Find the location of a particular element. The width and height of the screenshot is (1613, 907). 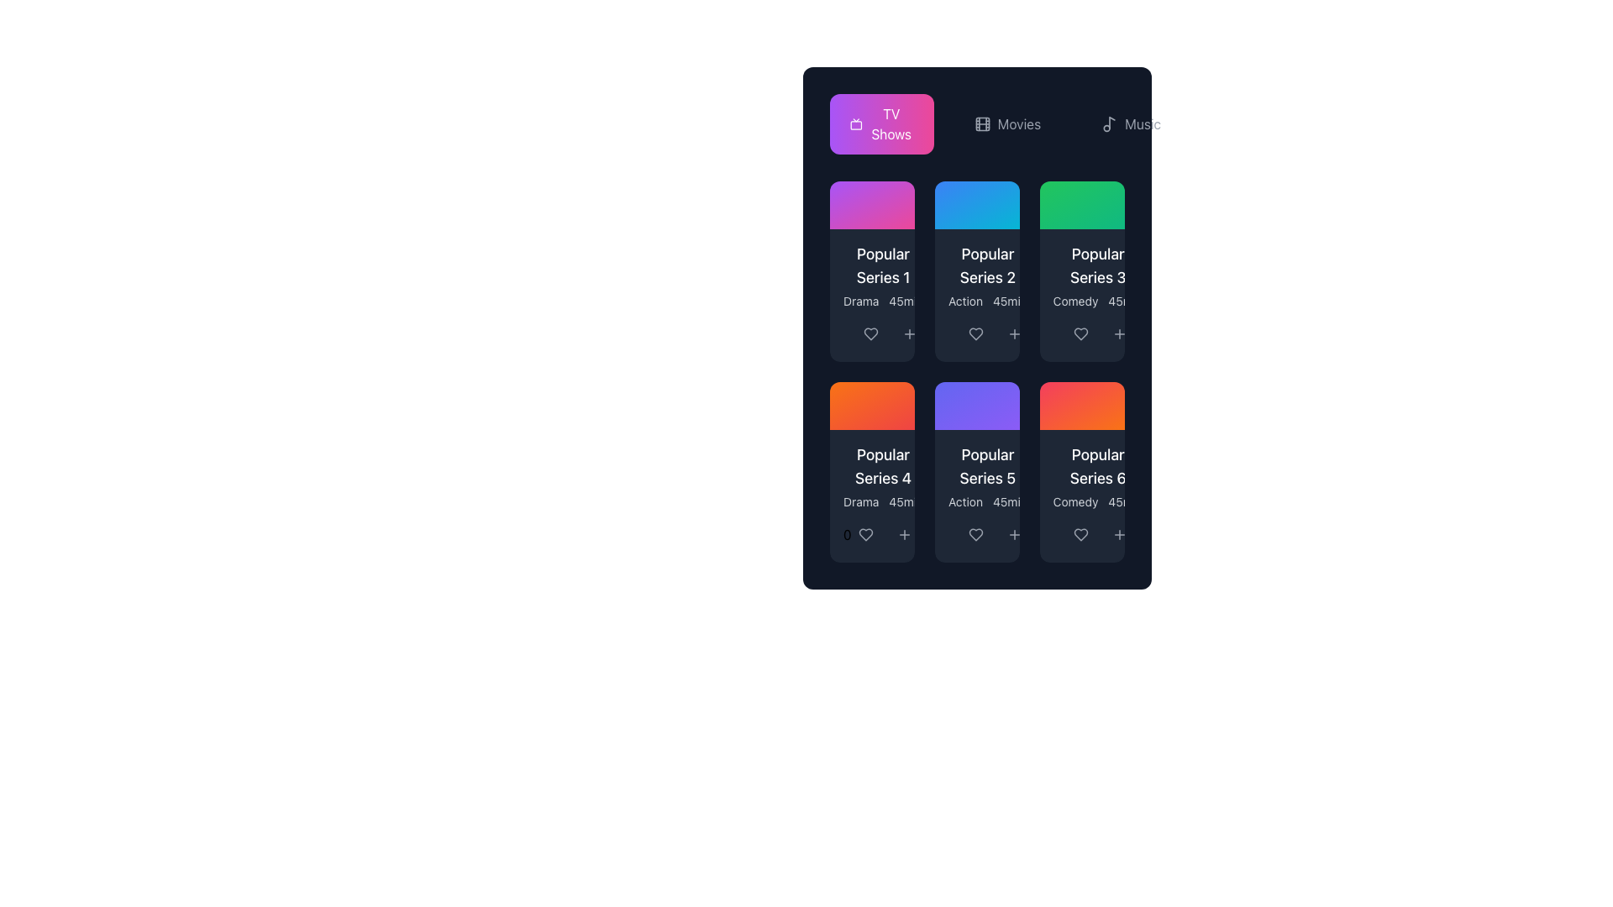

the text display showing 'Action 45min' styled in light gray font, located below the title 'Popular Series 5' in the card layout is located at coordinates (988, 501).